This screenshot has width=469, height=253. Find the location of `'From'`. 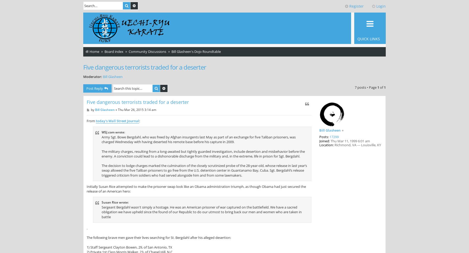

'From' is located at coordinates (91, 120).